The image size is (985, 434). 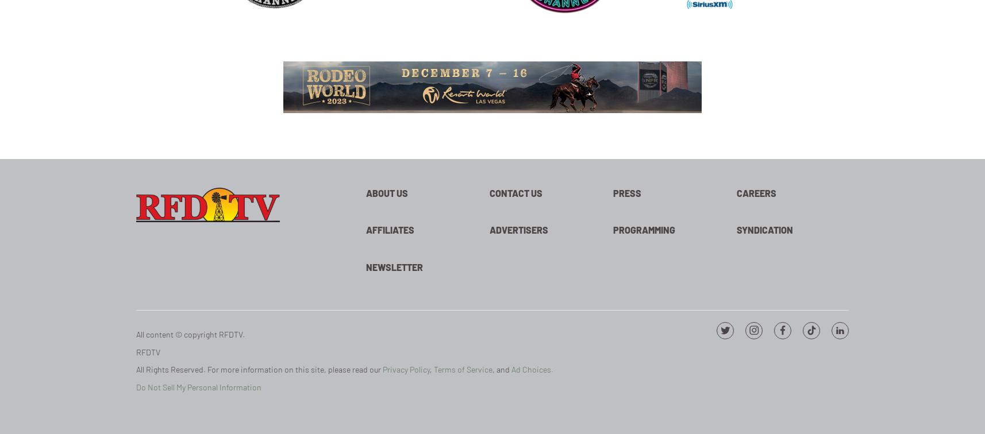 What do you see at coordinates (490, 230) in the screenshot?
I see `'Advertisers'` at bounding box center [490, 230].